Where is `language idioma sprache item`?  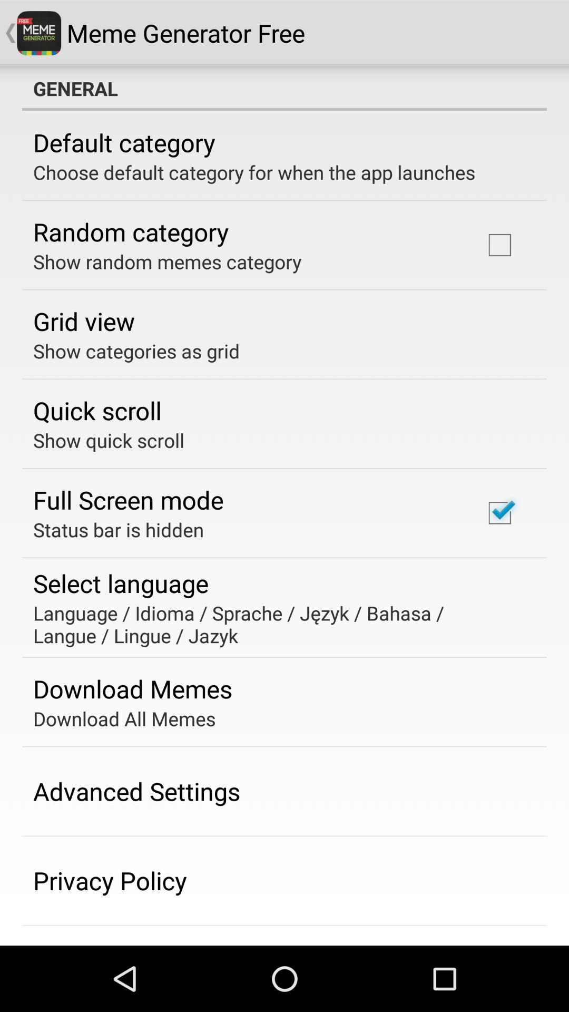
language idioma sprache item is located at coordinates (277, 624).